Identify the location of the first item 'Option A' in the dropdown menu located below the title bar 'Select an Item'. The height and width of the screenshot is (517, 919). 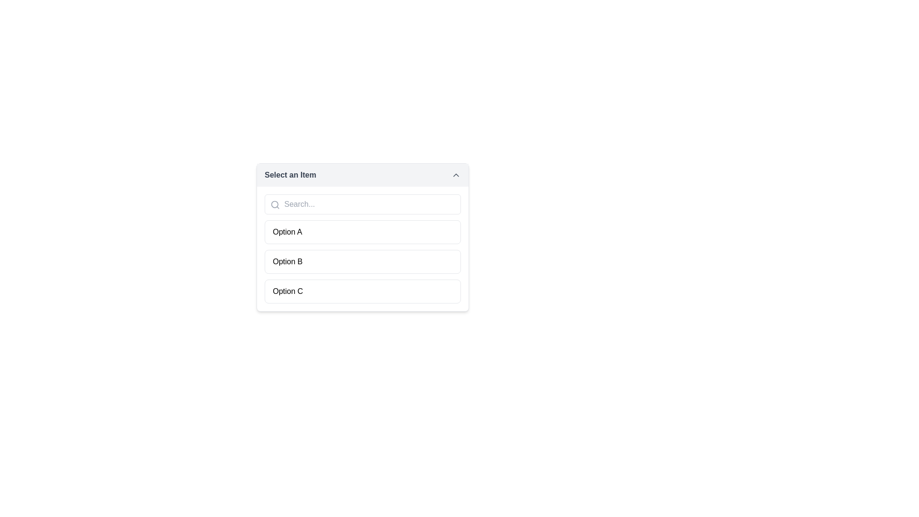
(362, 237).